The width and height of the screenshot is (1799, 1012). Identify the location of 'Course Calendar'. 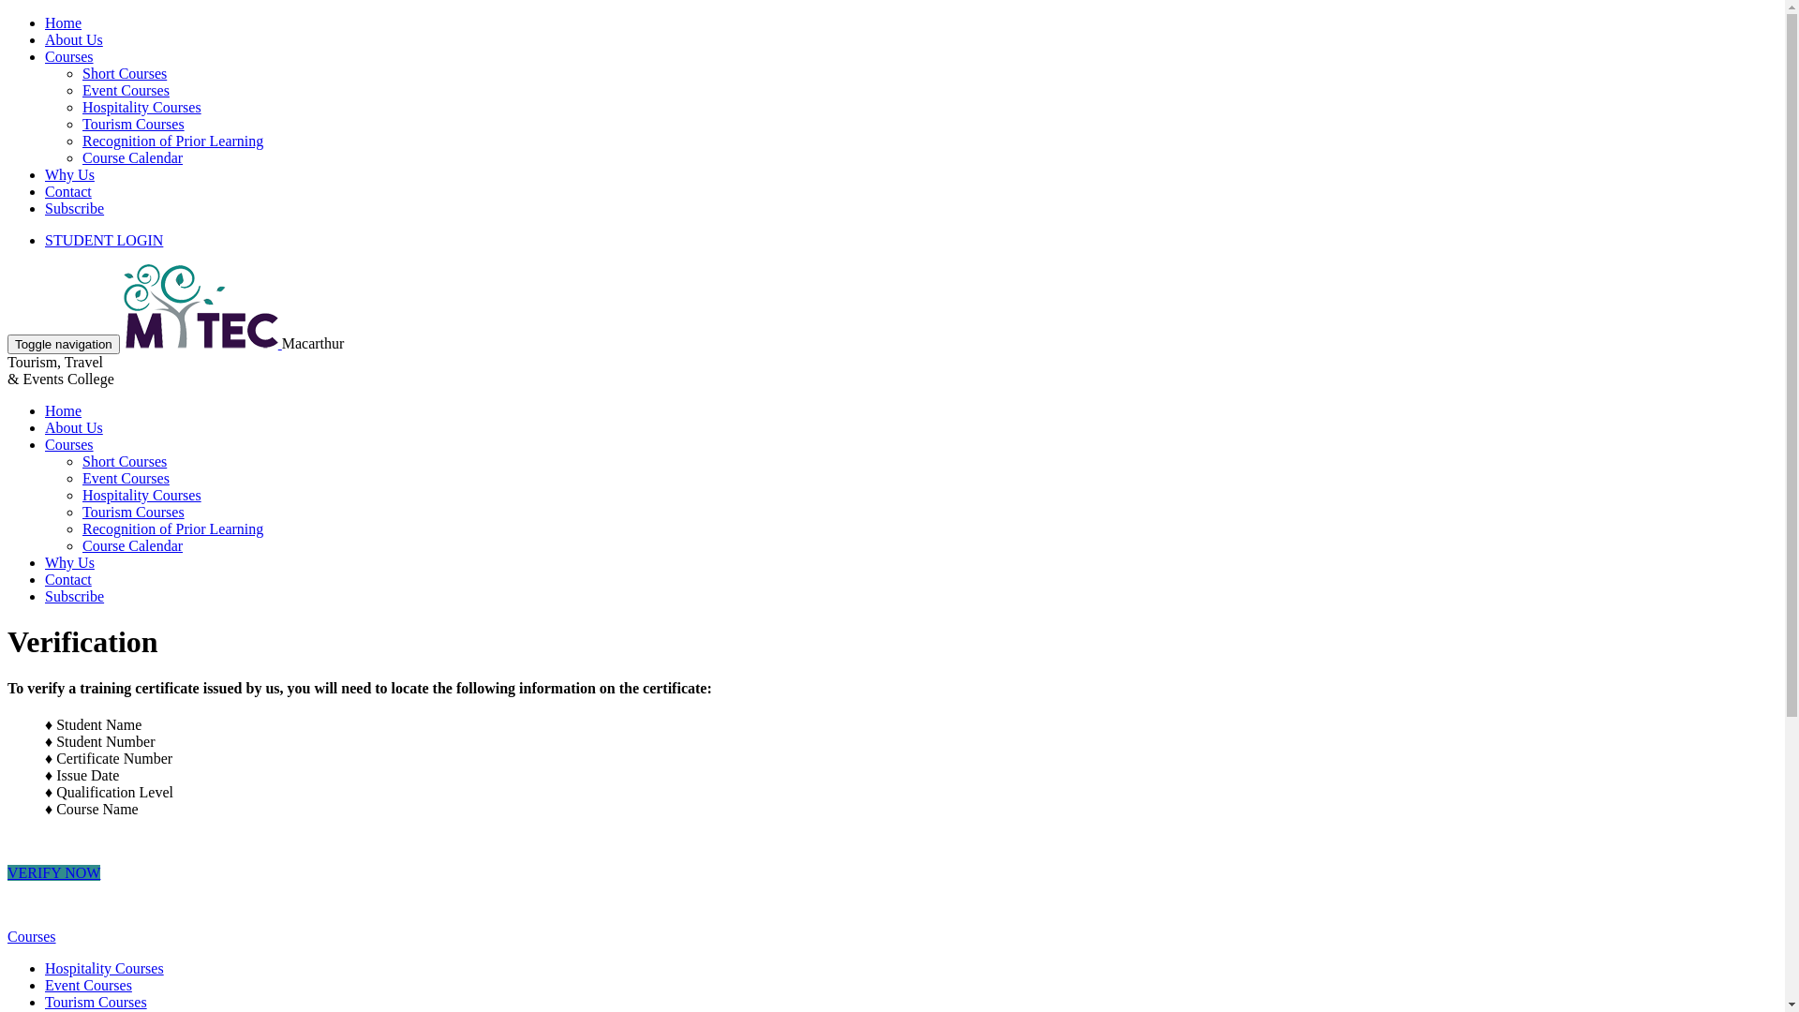
(131, 545).